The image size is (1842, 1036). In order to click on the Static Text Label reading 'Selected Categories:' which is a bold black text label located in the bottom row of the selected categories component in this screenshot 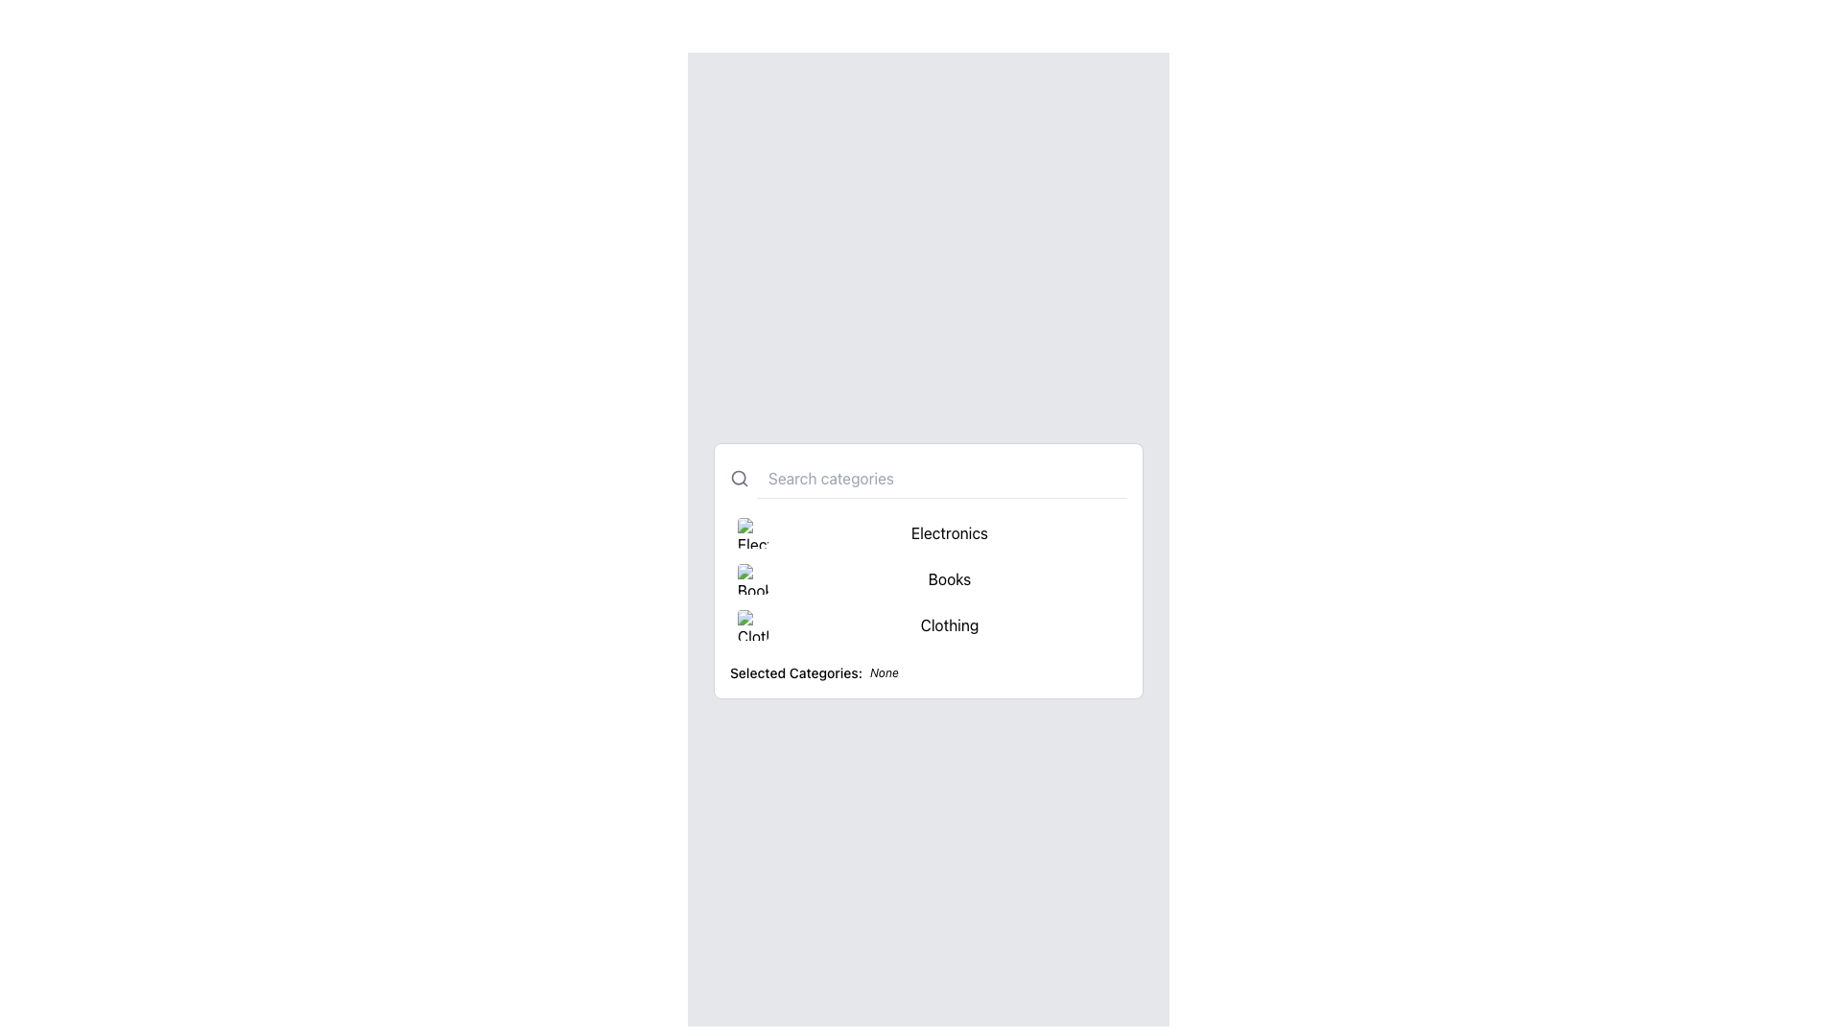, I will do `click(796, 671)`.